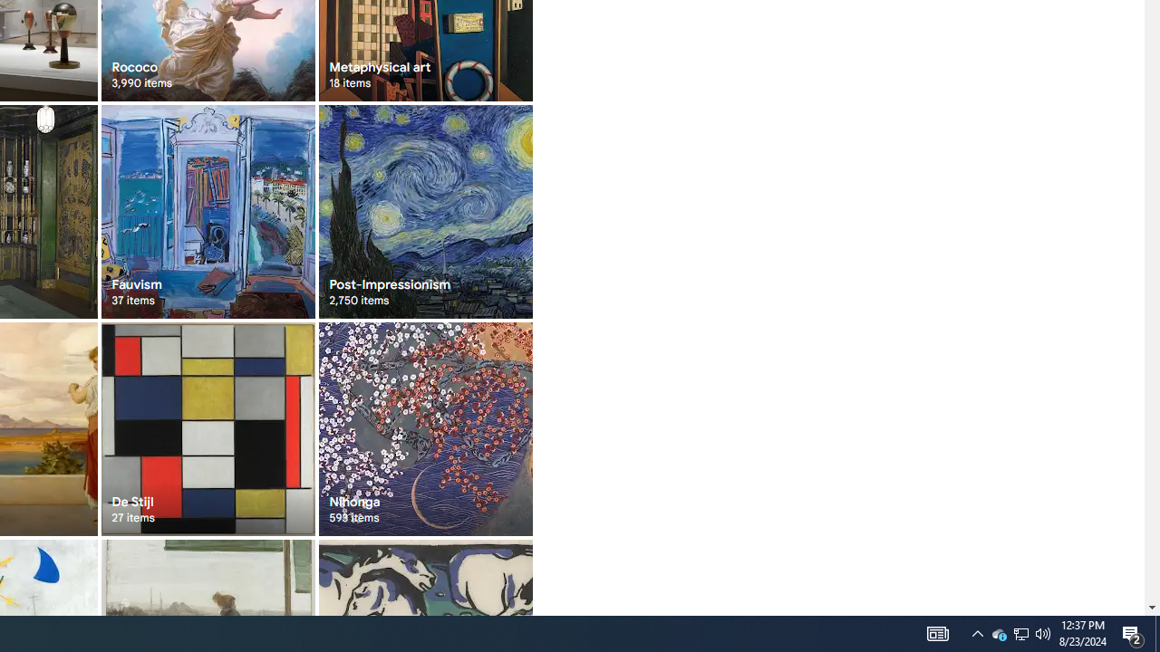 The image size is (1160, 652). What do you see at coordinates (208, 428) in the screenshot?
I see `'De Stijl 27 items'` at bounding box center [208, 428].